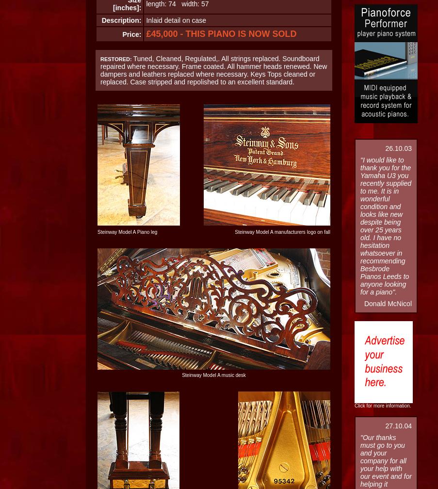 This screenshot has width=438, height=489. Describe the element at coordinates (235, 232) in the screenshot. I see `'Steinway Model A manufacturers logo on fall'` at that location.